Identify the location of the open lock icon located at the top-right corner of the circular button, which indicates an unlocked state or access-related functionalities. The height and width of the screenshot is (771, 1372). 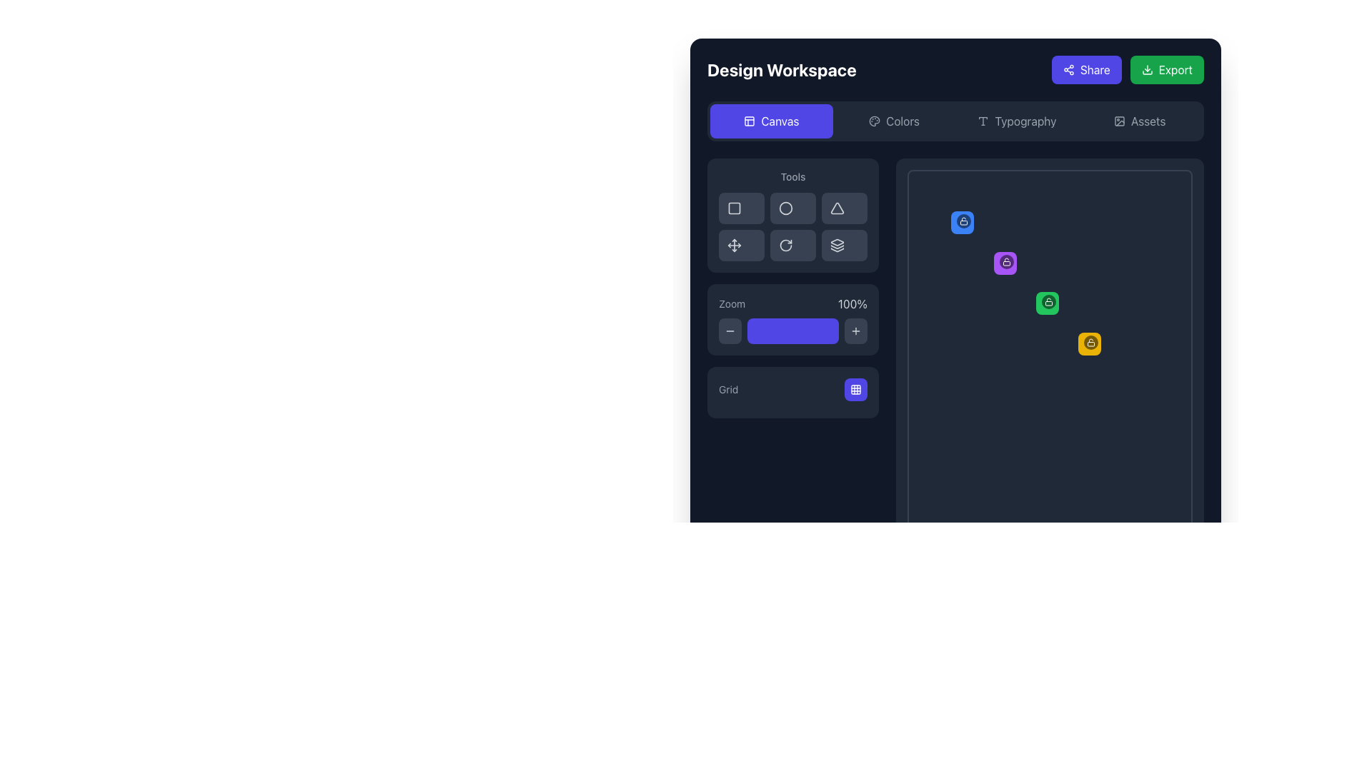
(1090, 341).